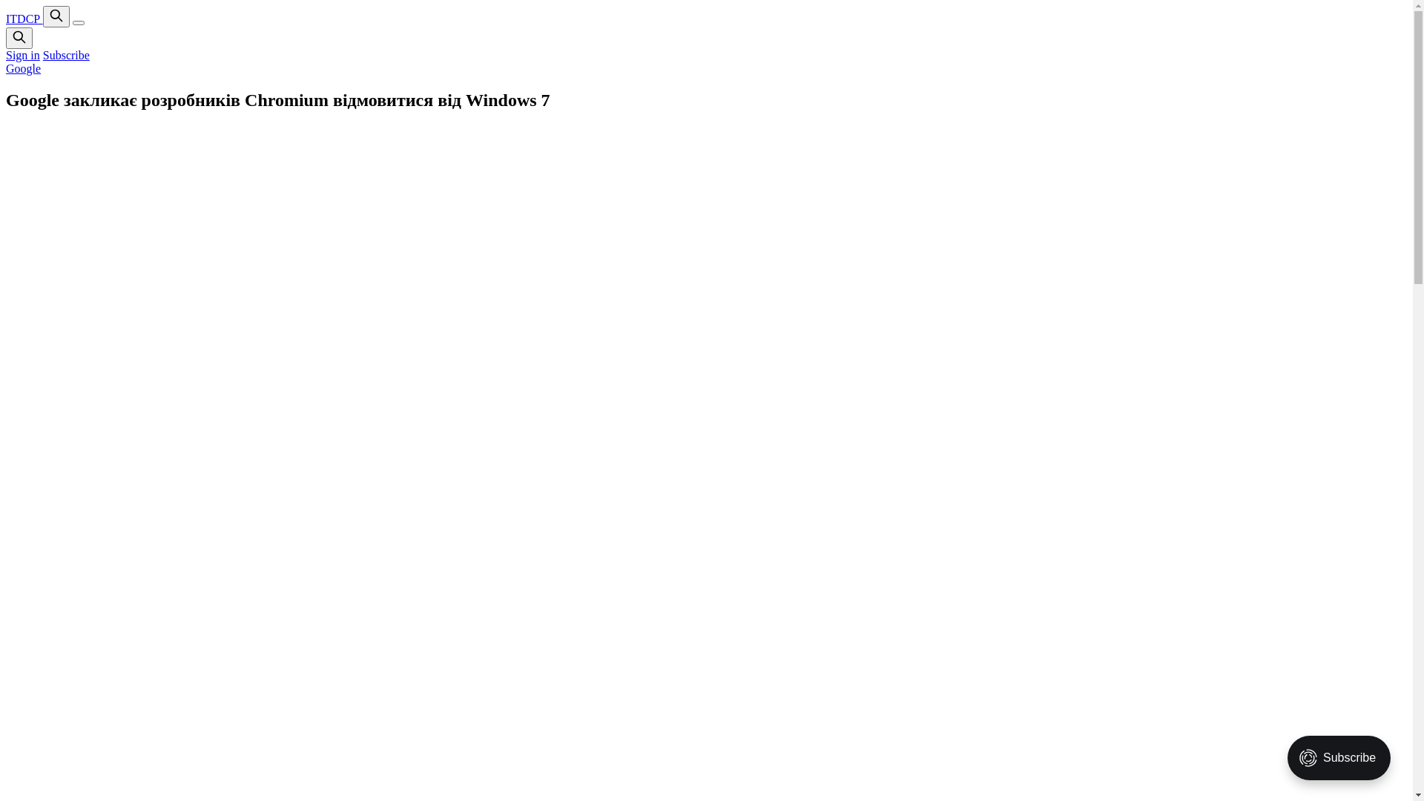 The width and height of the screenshot is (1424, 801). Describe the element at coordinates (23, 68) in the screenshot. I see `'Google'` at that location.